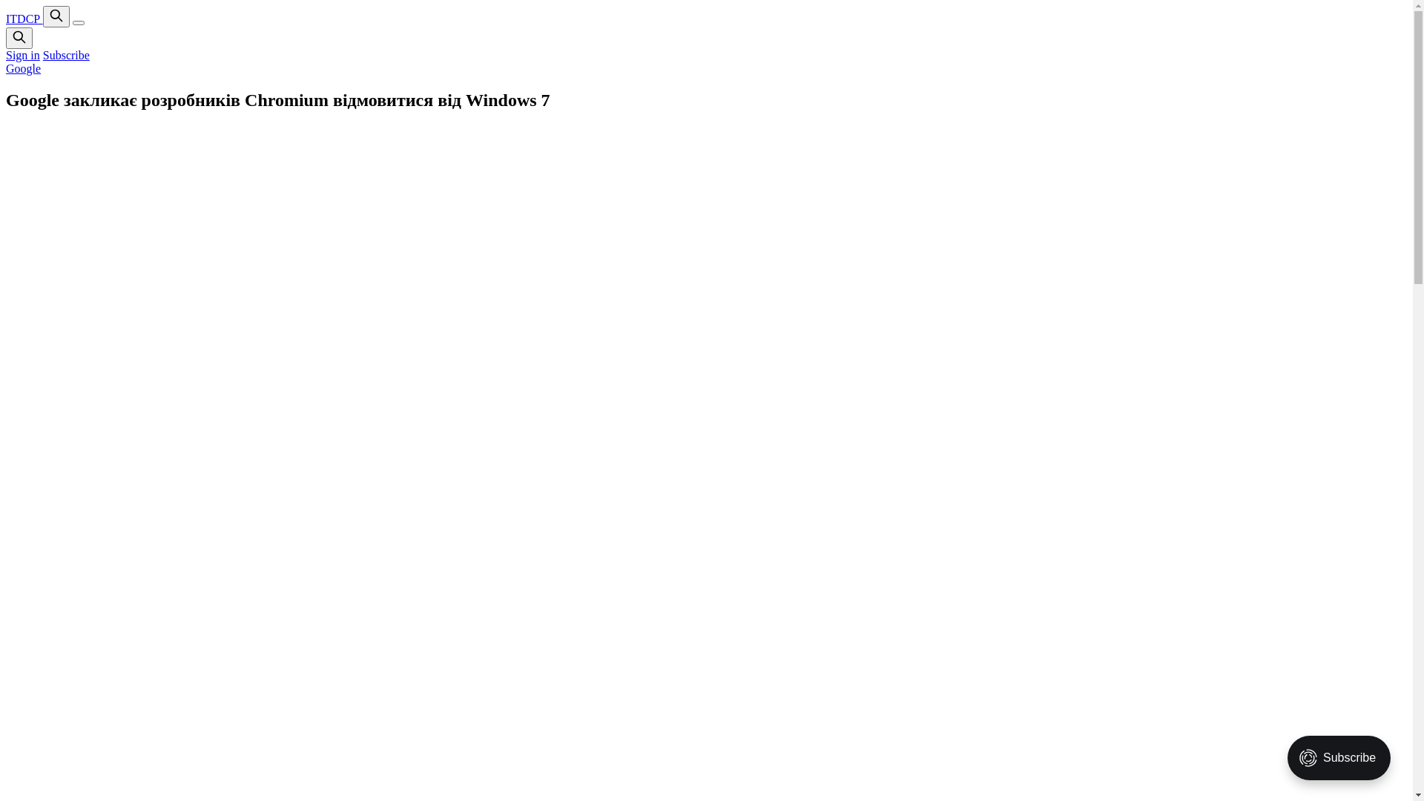 The width and height of the screenshot is (1424, 801). Describe the element at coordinates (23, 68) in the screenshot. I see `'Google'` at that location.